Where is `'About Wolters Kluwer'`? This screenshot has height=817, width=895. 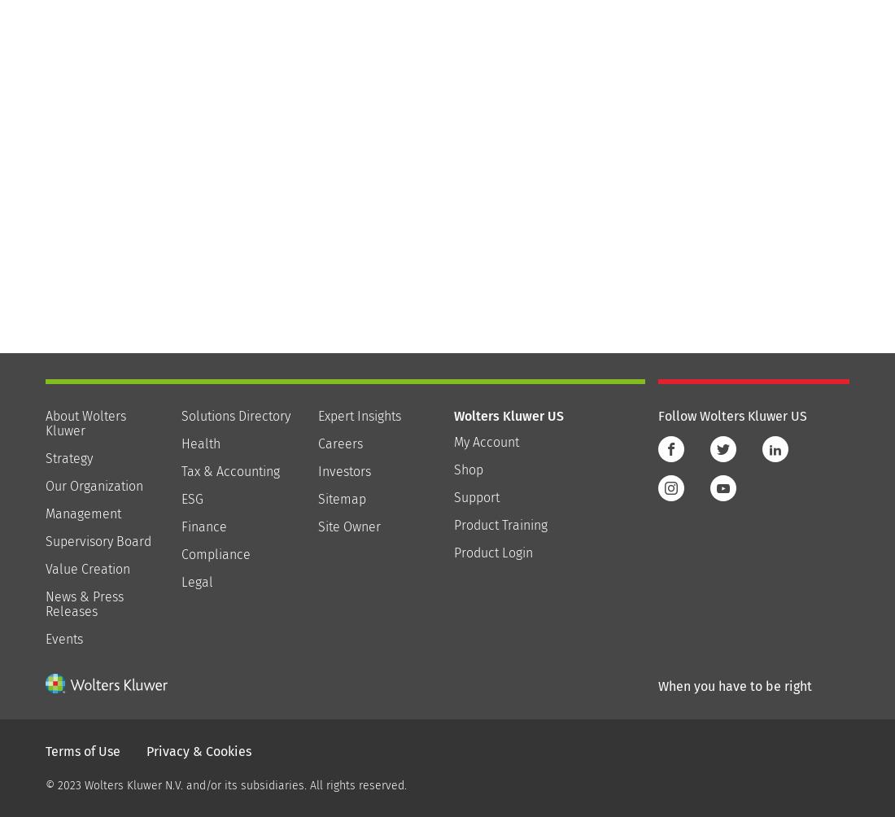 'About Wolters Kluwer' is located at coordinates (85, 422).